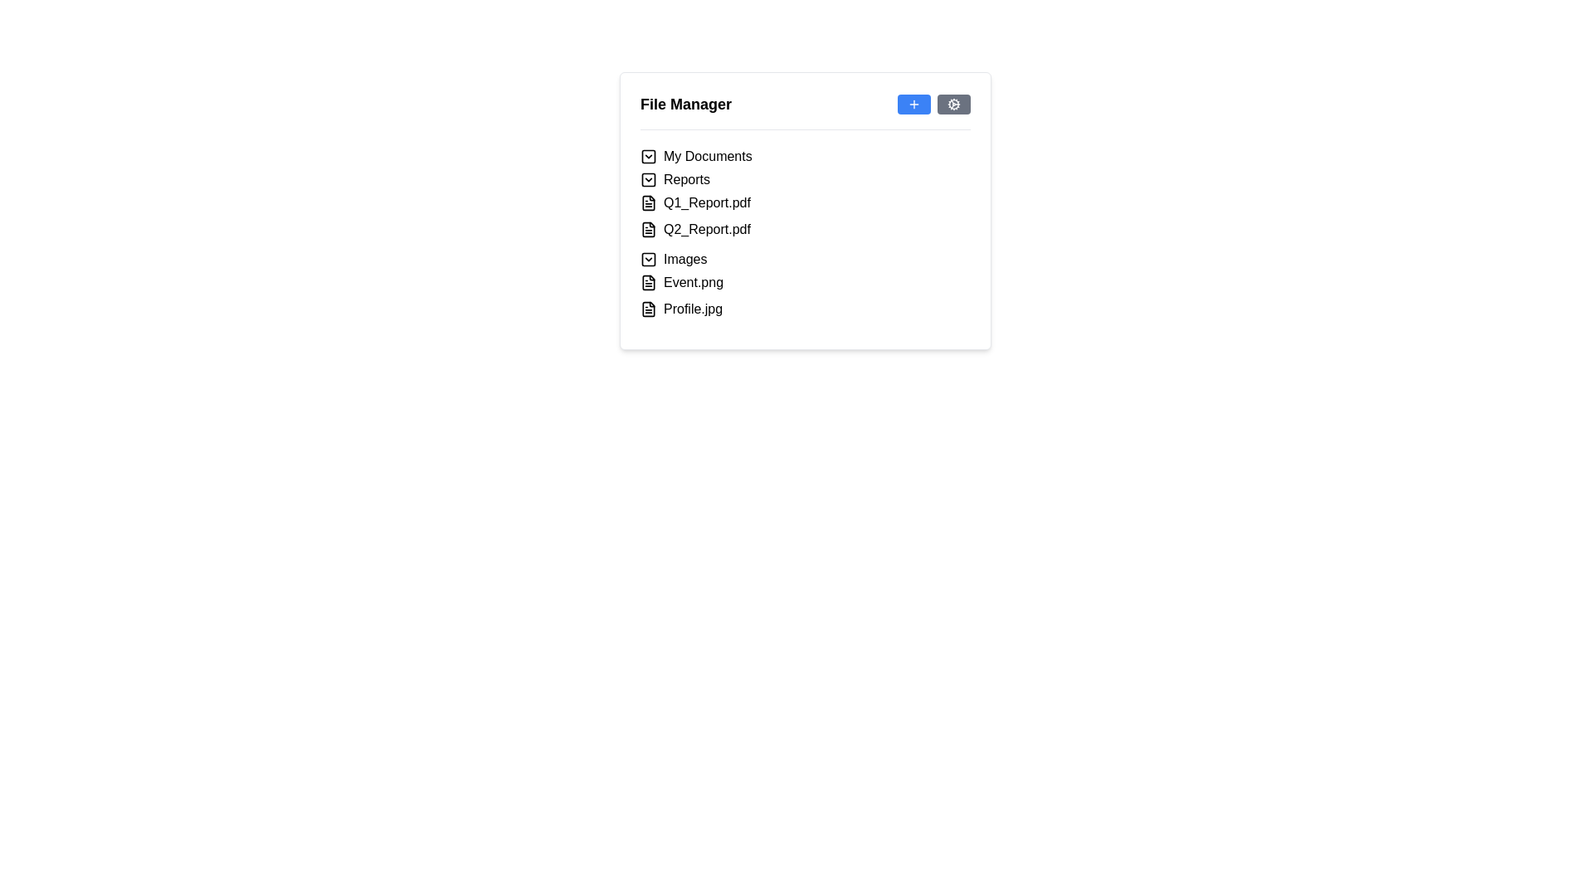 The height and width of the screenshot is (896, 1593). I want to click on the settings icon located in the header of the 'File Manager' card, to the right of the blue '+' button, so click(954, 105).